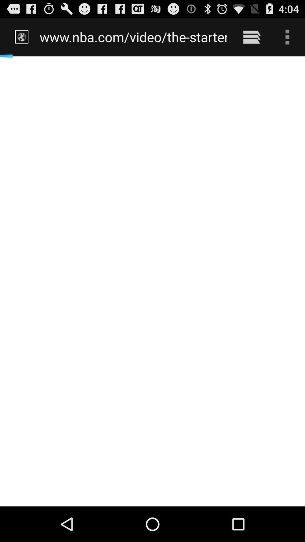 The height and width of the screenshot is (542, 305). I want to click on item below www nba com, so click(152, 281).